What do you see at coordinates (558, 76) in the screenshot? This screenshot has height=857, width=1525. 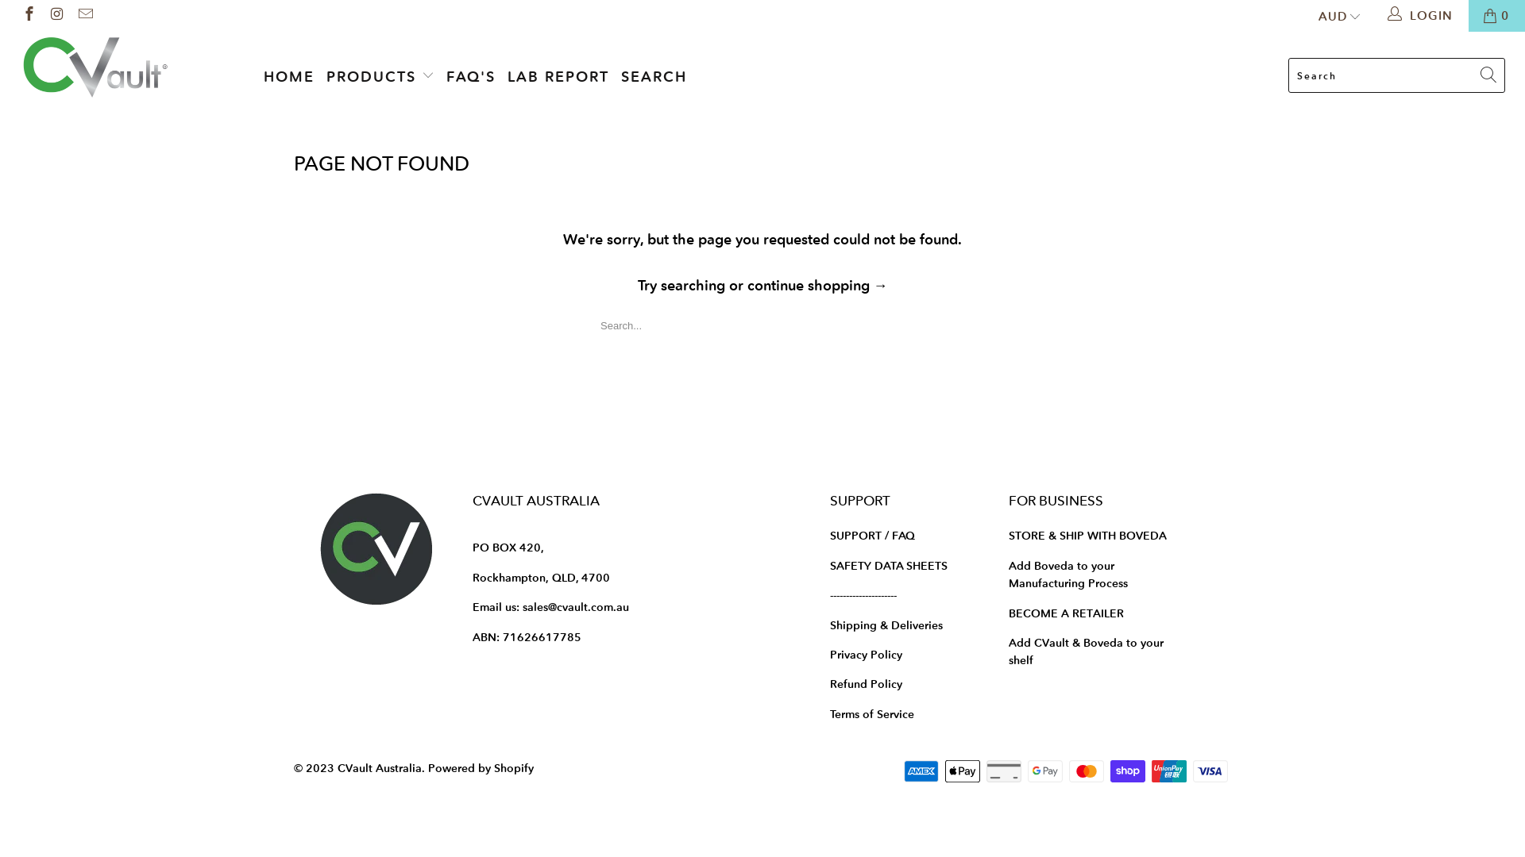 I see `'LAB REPORT'` at bounding box center [558, 76].